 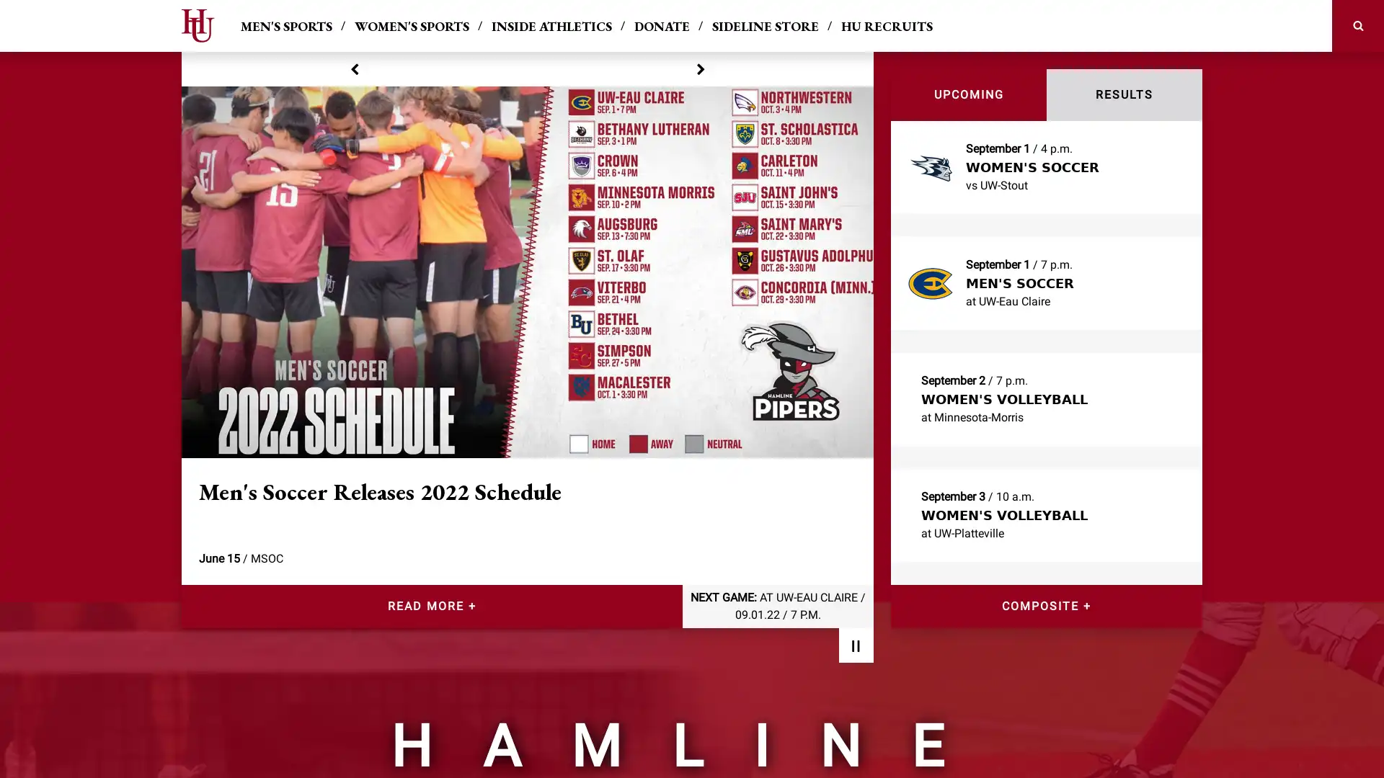 I want to click on previous, so click(x=198, y=264).